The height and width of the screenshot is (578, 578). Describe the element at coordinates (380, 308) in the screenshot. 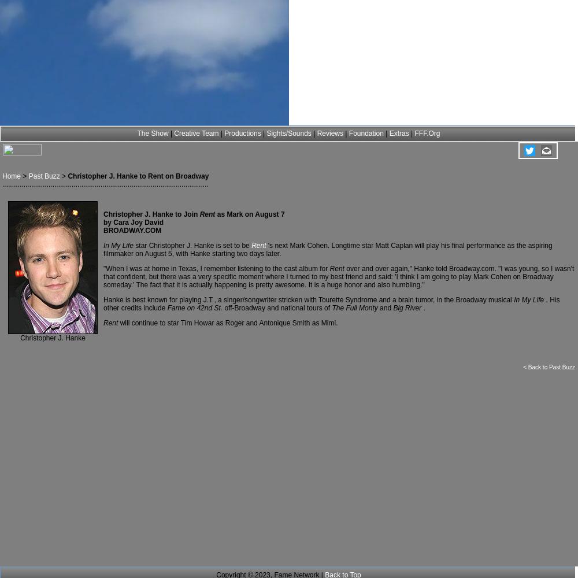

I see `'and'` at that location.